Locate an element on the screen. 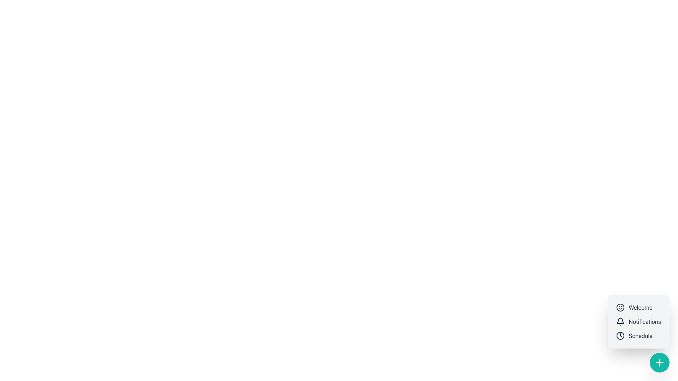  text label displaying 'Schedule' located at the bottom-right corner of the interface, under 'Welcome' and 'Notifications', and to the right of a clock icon is located at coordinates (641, 335).